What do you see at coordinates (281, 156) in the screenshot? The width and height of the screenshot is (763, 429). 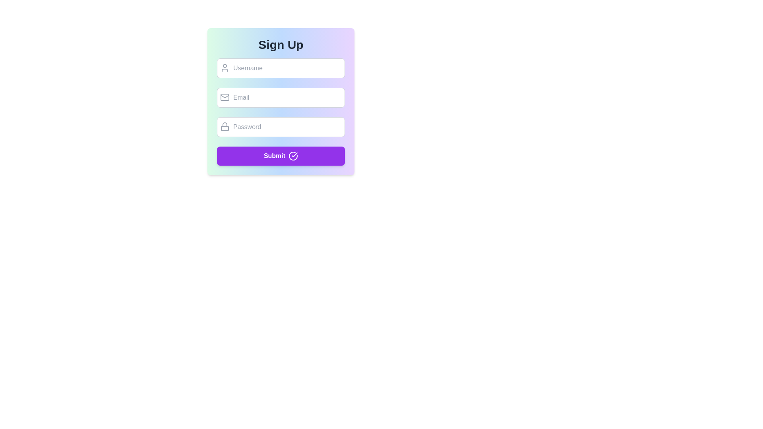 I see `the 'Submit' button with a purple background and a checkmark icon` at bounding box center [281, 156].